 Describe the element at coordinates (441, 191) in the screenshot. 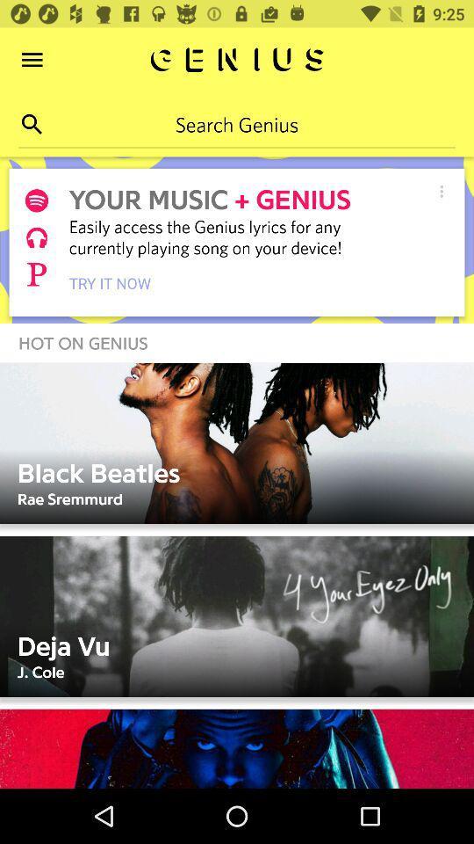

I see `option` at that location.